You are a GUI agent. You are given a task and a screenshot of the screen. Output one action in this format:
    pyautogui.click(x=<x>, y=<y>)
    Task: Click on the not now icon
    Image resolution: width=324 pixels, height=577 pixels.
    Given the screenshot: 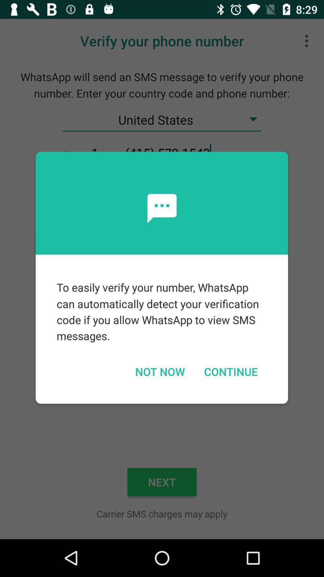 What is the action you would take?
    pyautogui.click(x=160, y=371)
    